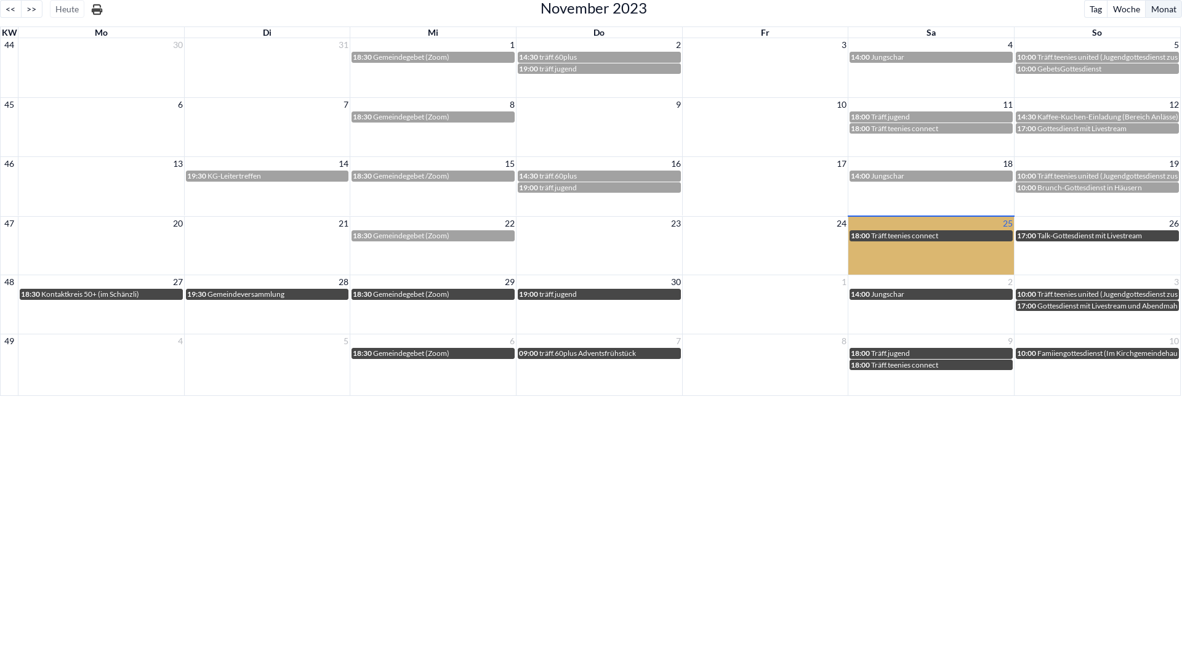 This screenshot has width=1182, height=665. I want to click on '>>', so click(31, 9).